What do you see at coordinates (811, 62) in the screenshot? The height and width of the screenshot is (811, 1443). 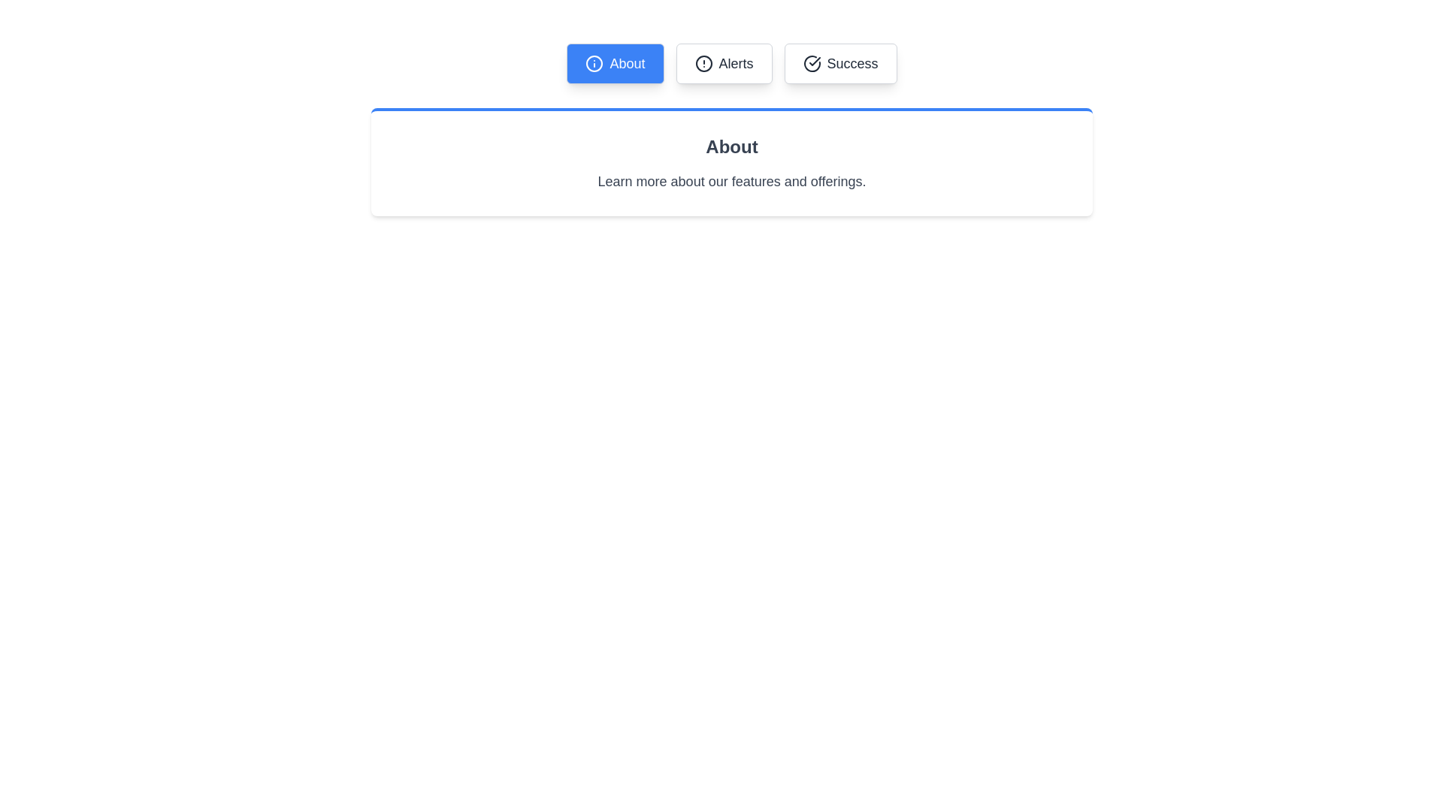 I see `the success status icon located to the left of the 'Success' text` at bounding box center [811, 62].